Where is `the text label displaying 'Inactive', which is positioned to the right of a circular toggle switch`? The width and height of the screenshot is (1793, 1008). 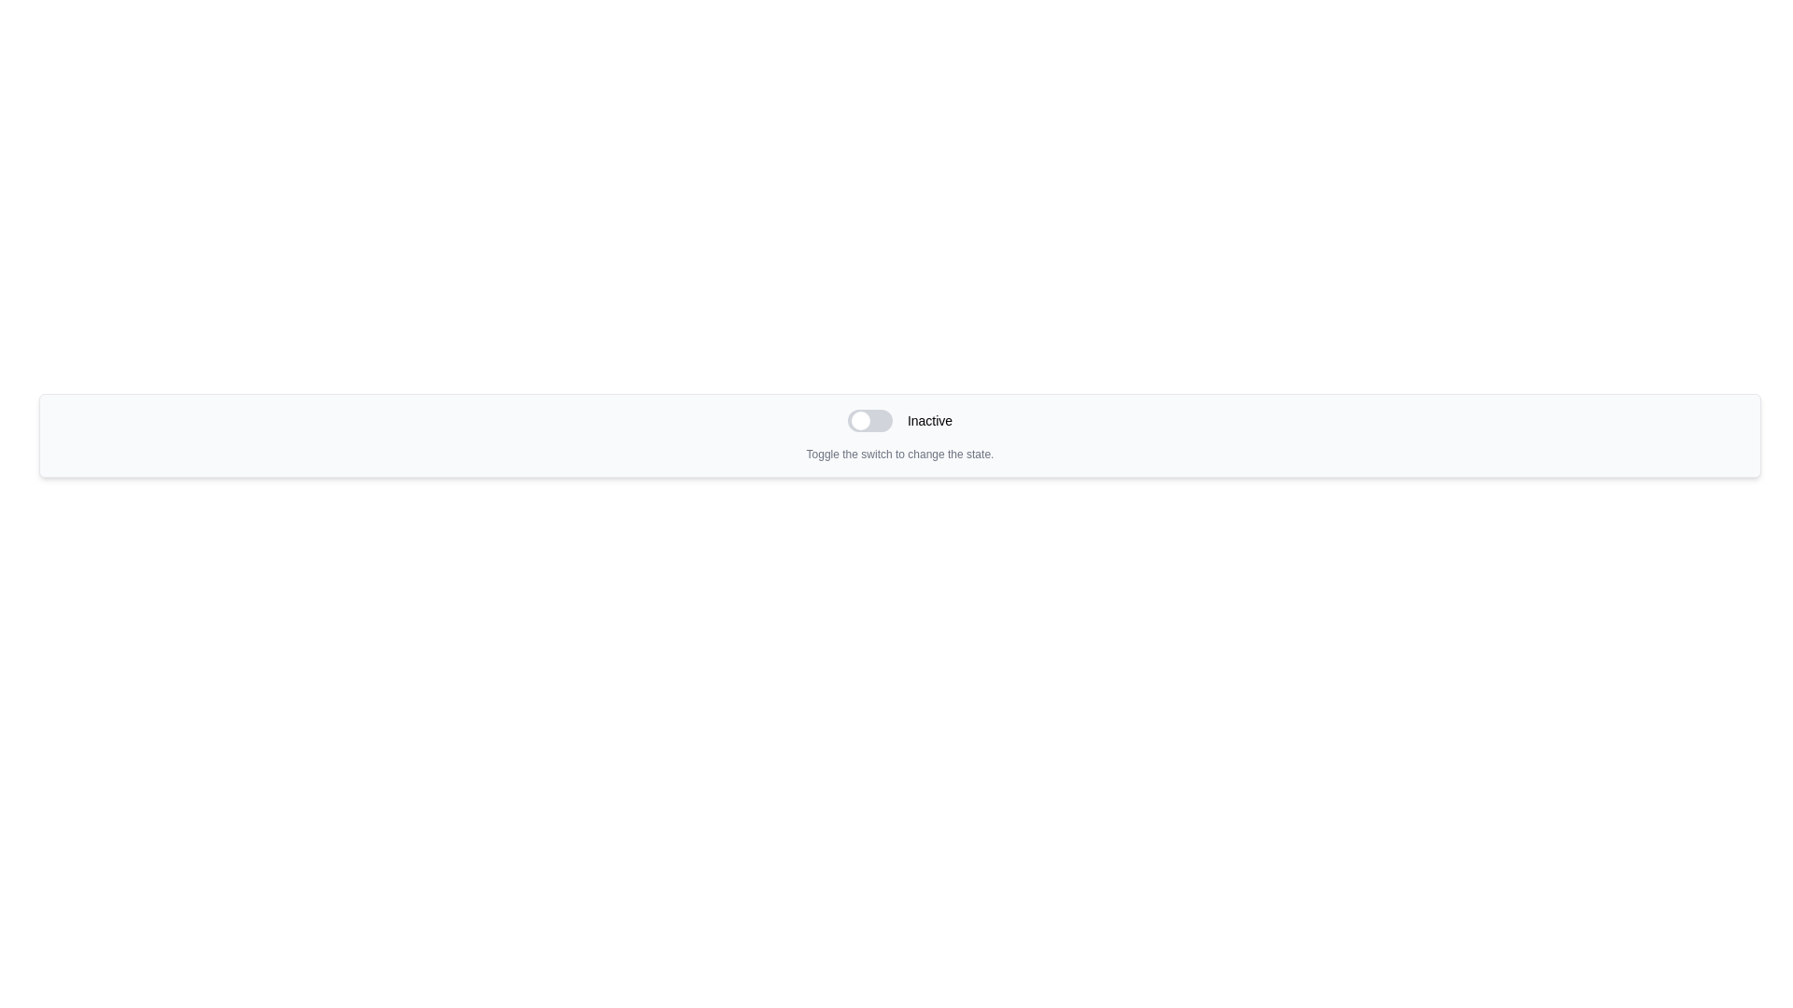 the text label displaying 'Inactive', which is positioned to the right of a circular toggle switch is located at coordinates (930, 421).